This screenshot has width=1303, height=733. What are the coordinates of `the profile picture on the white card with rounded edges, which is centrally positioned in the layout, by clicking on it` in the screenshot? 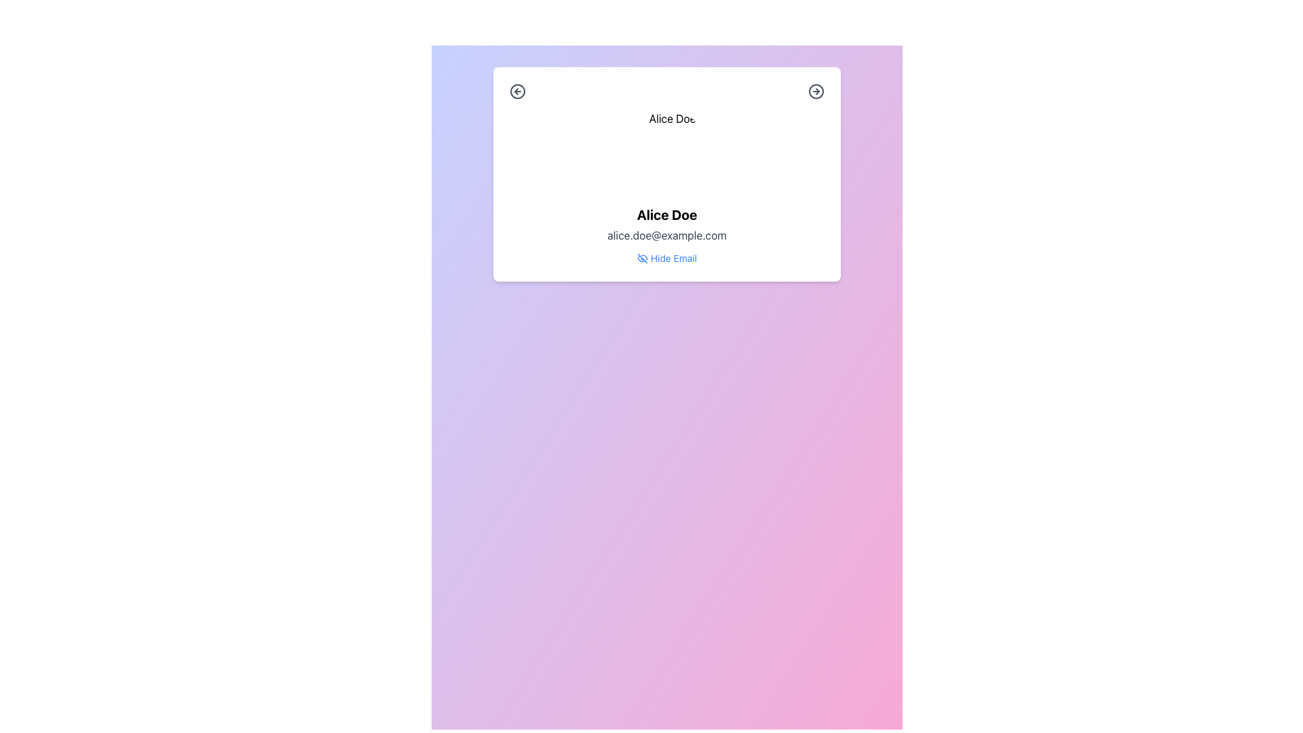 It's located at (667, 174).